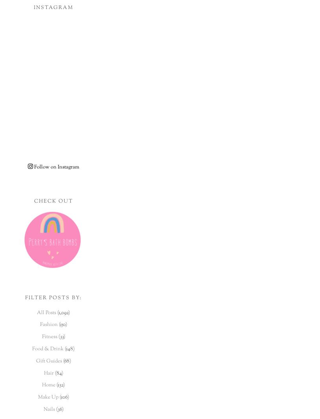  I want to click on '(36)', so click(55, 409).